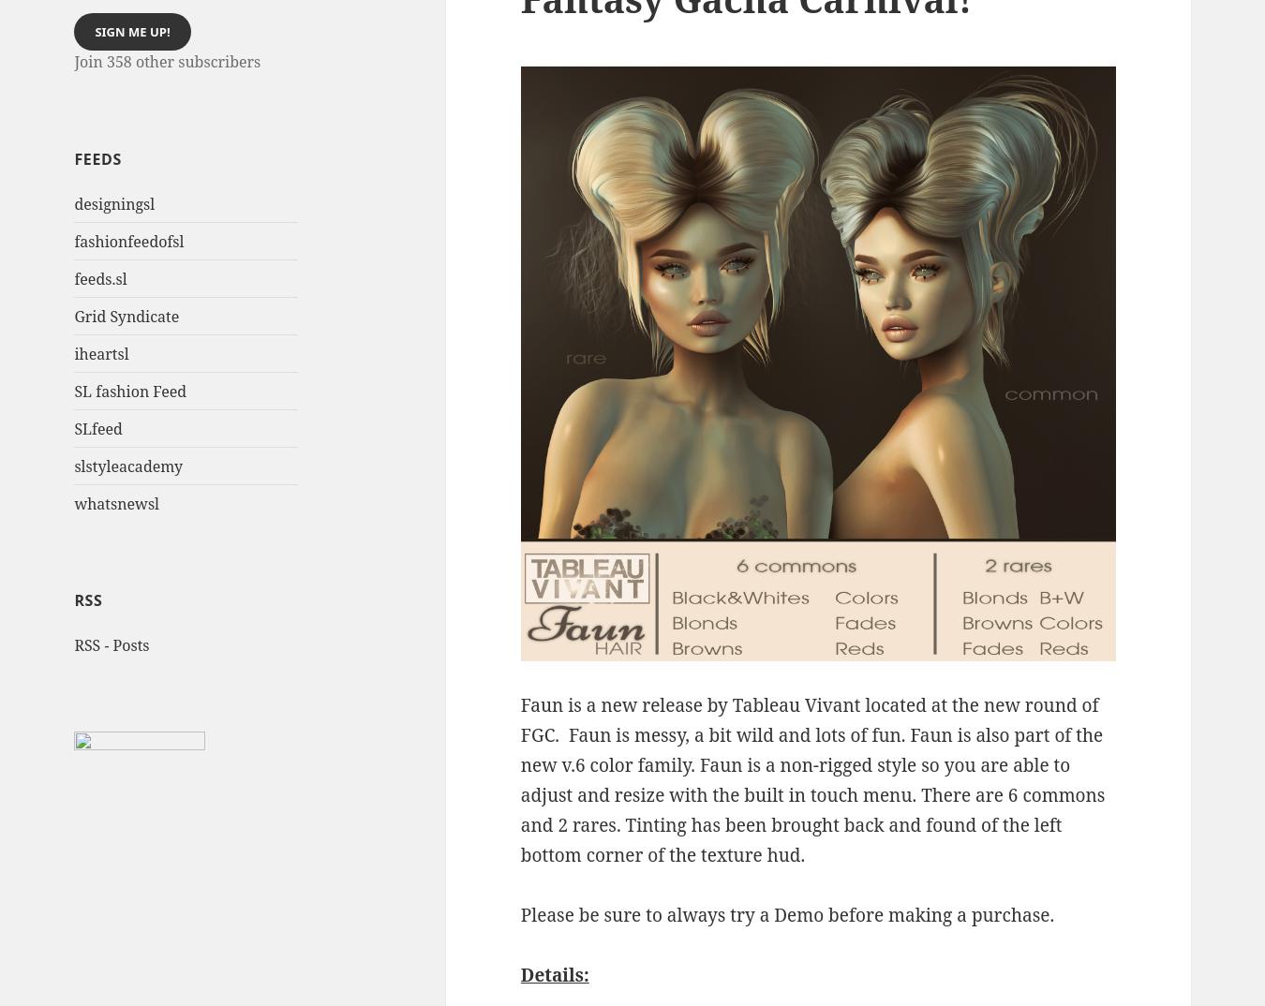  I want to click on 'fashionfeedofsl', so click(128, 240).